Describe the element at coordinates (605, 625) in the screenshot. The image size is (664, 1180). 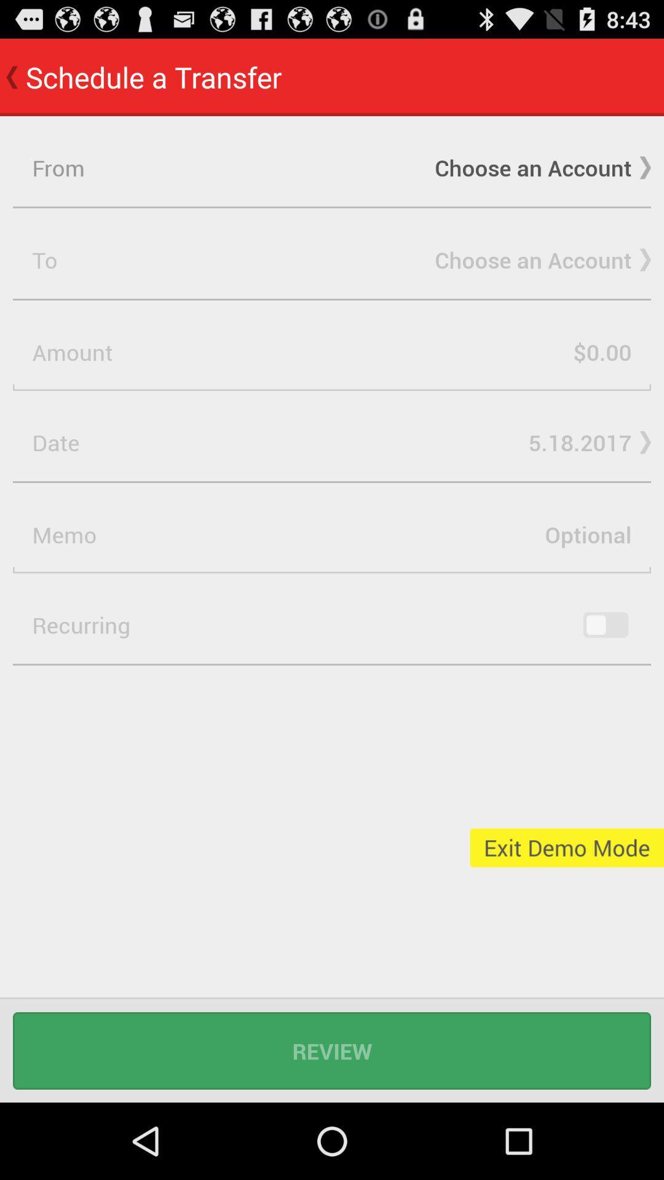
I see `key` at that location.